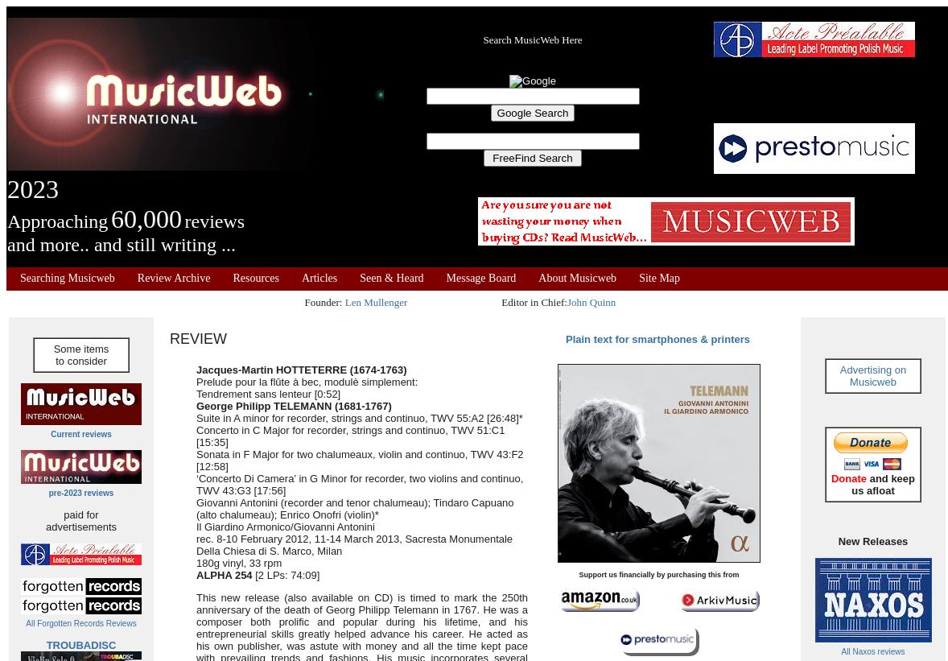 The width and height of the screenshot is (948, 661). I want to click on 'paid for', so click(80, 514).